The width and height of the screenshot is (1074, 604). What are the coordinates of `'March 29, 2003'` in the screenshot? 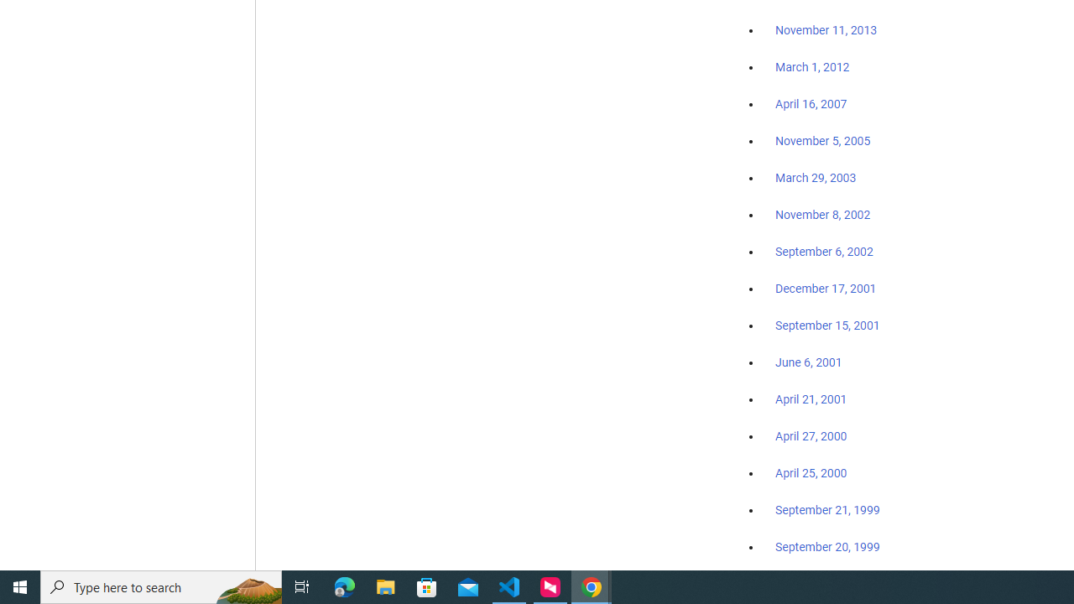 It's located at (816, 178).